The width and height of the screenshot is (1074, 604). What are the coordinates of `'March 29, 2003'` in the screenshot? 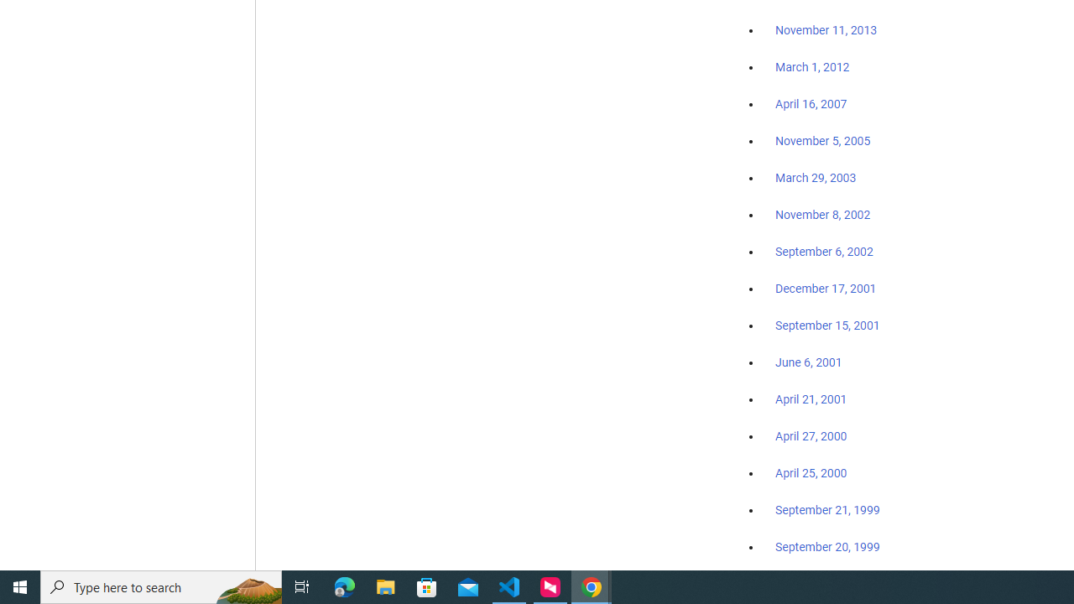 It's located at (816, 178).